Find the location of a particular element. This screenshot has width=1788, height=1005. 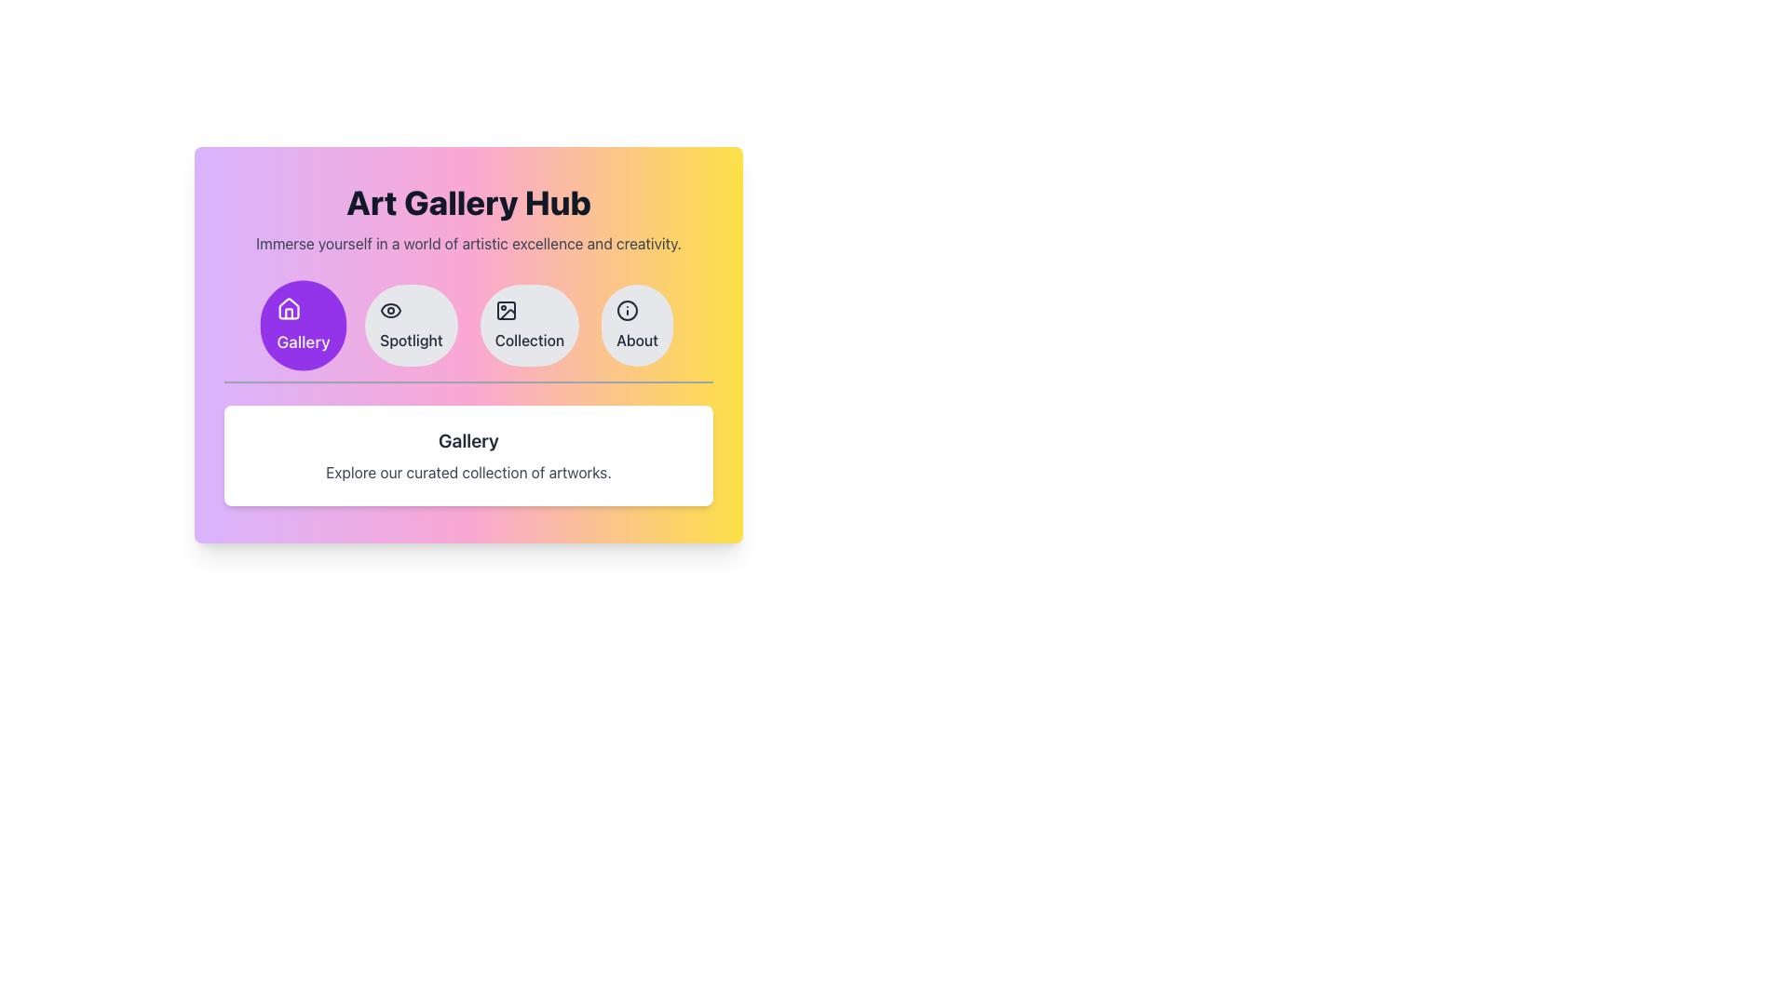

the eye-shaped icon with a black outline and gray circular background is located at coordinates (390, 310).